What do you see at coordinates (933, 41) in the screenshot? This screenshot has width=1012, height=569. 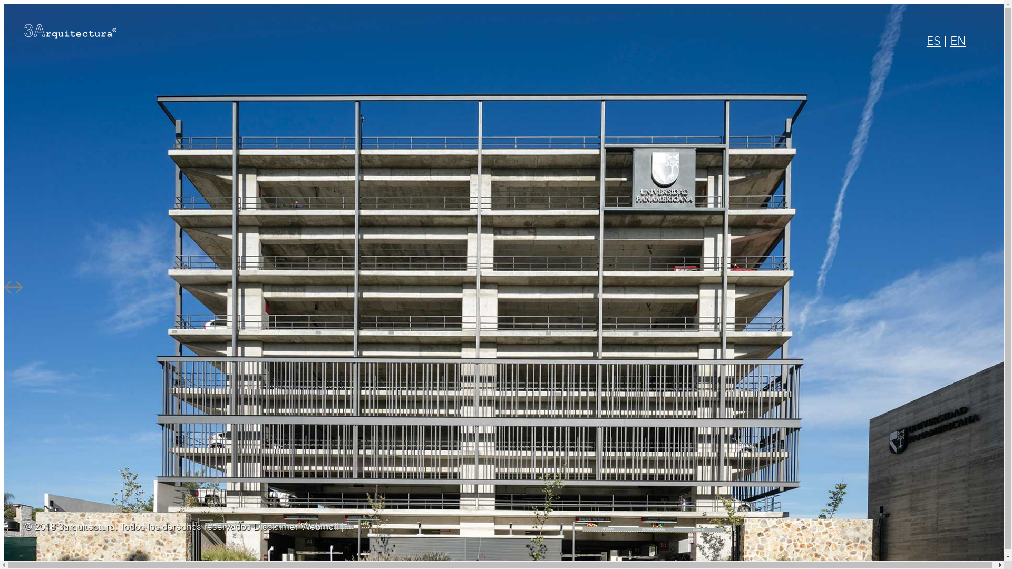 I see `'ES'` at bounding box center [933, 41].